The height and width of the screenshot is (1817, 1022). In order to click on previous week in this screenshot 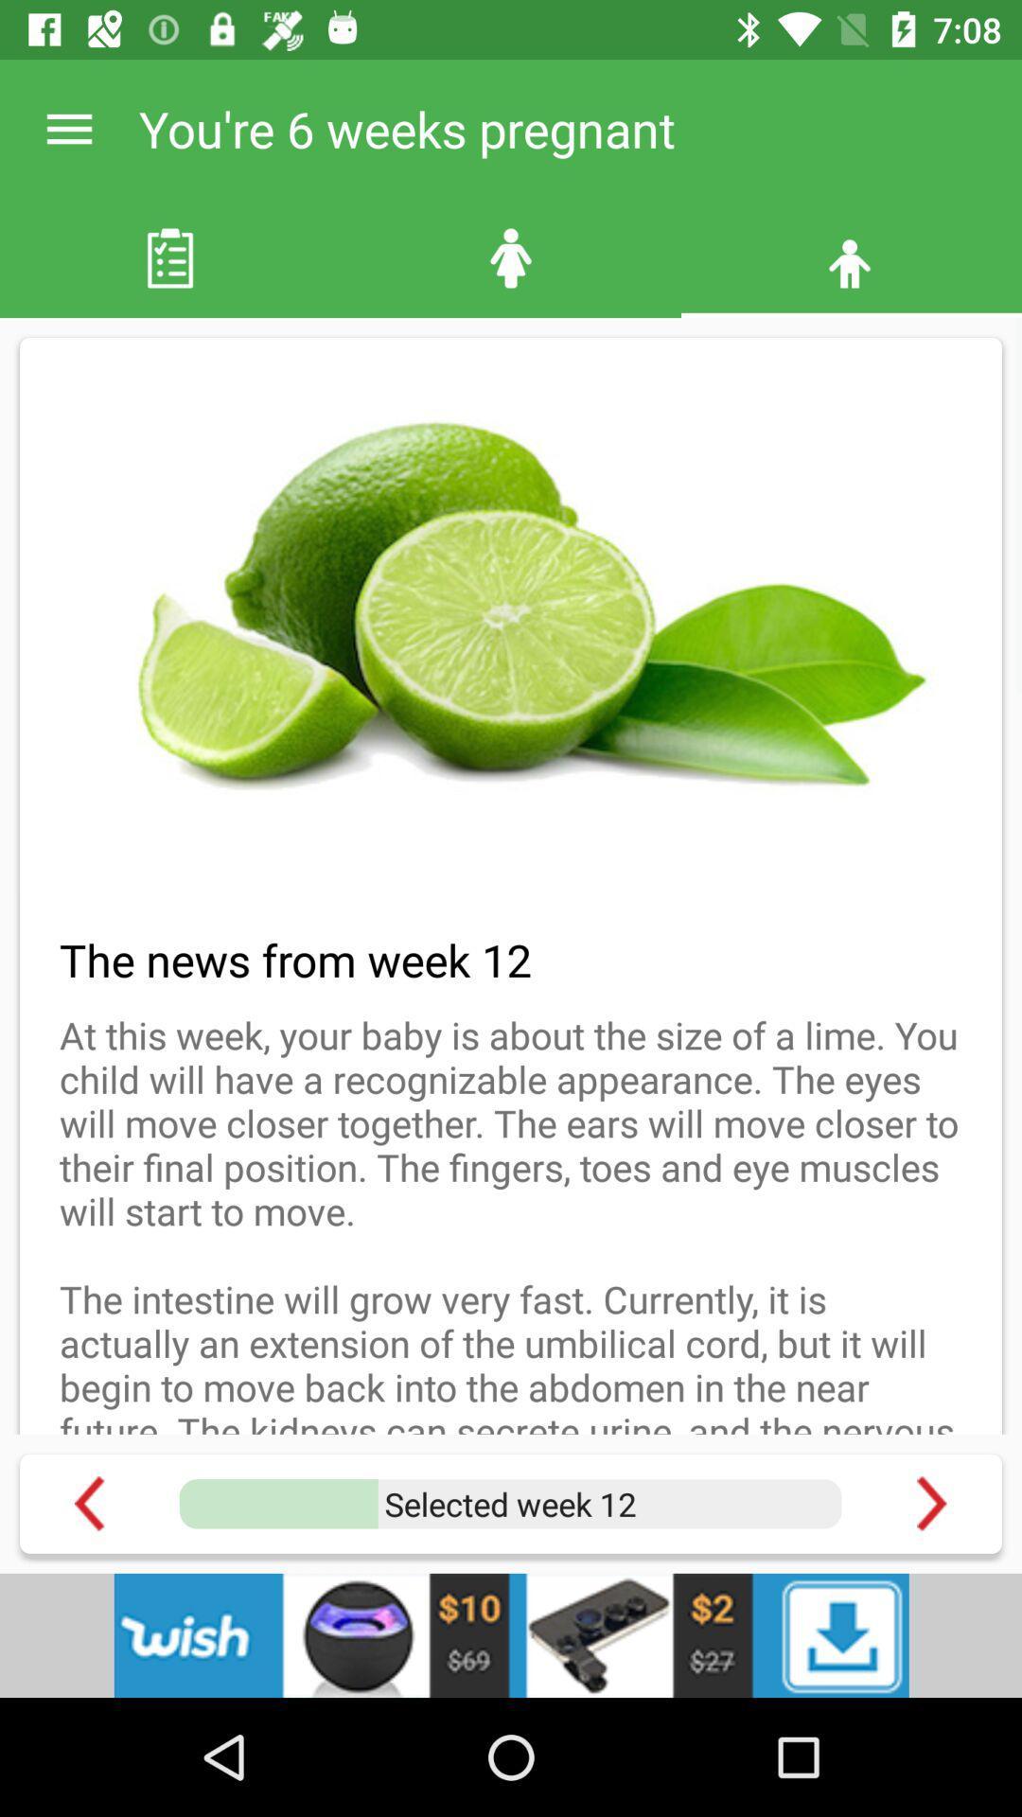, I will do `click(89, 1503)`.